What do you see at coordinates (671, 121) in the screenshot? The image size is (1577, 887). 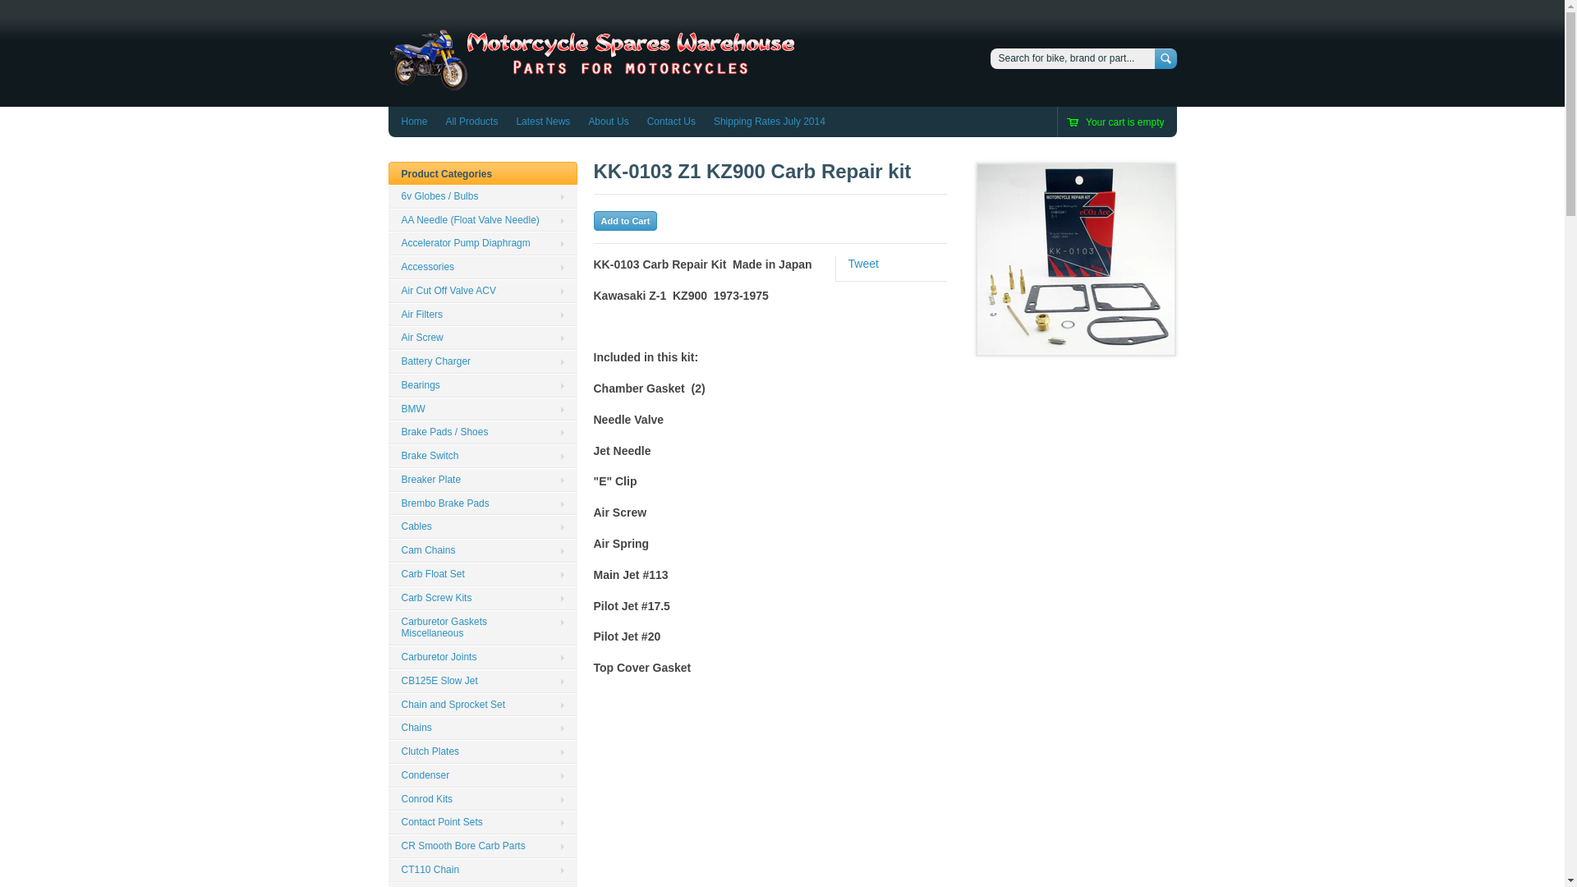 I see `'Contact Us'` at bounding box center [671, 121].